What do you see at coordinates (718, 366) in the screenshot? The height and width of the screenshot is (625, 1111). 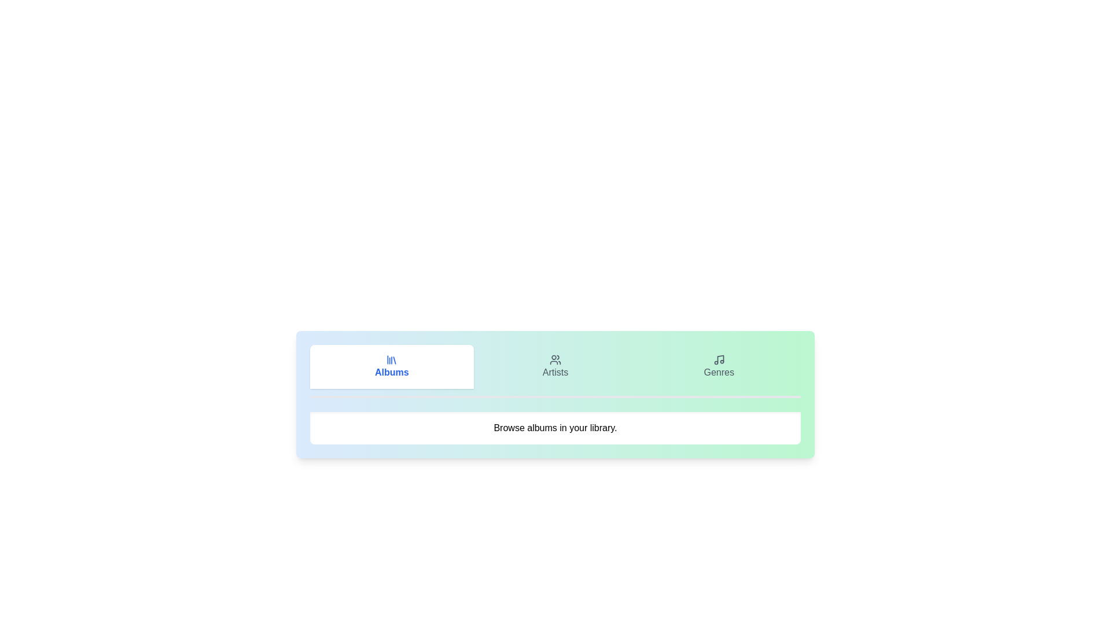 I see `the Genres tab by clicking on its button` at bounding box center [718, 366].